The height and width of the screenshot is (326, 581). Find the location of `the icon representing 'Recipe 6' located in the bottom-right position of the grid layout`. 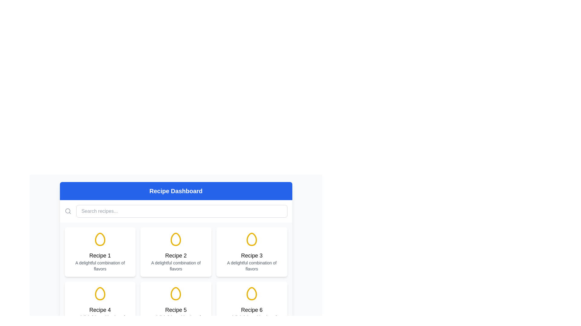

the icon representing 'Recipe 6' located in the bottom-right position of the grid layout is located at coordinates (252, 293).